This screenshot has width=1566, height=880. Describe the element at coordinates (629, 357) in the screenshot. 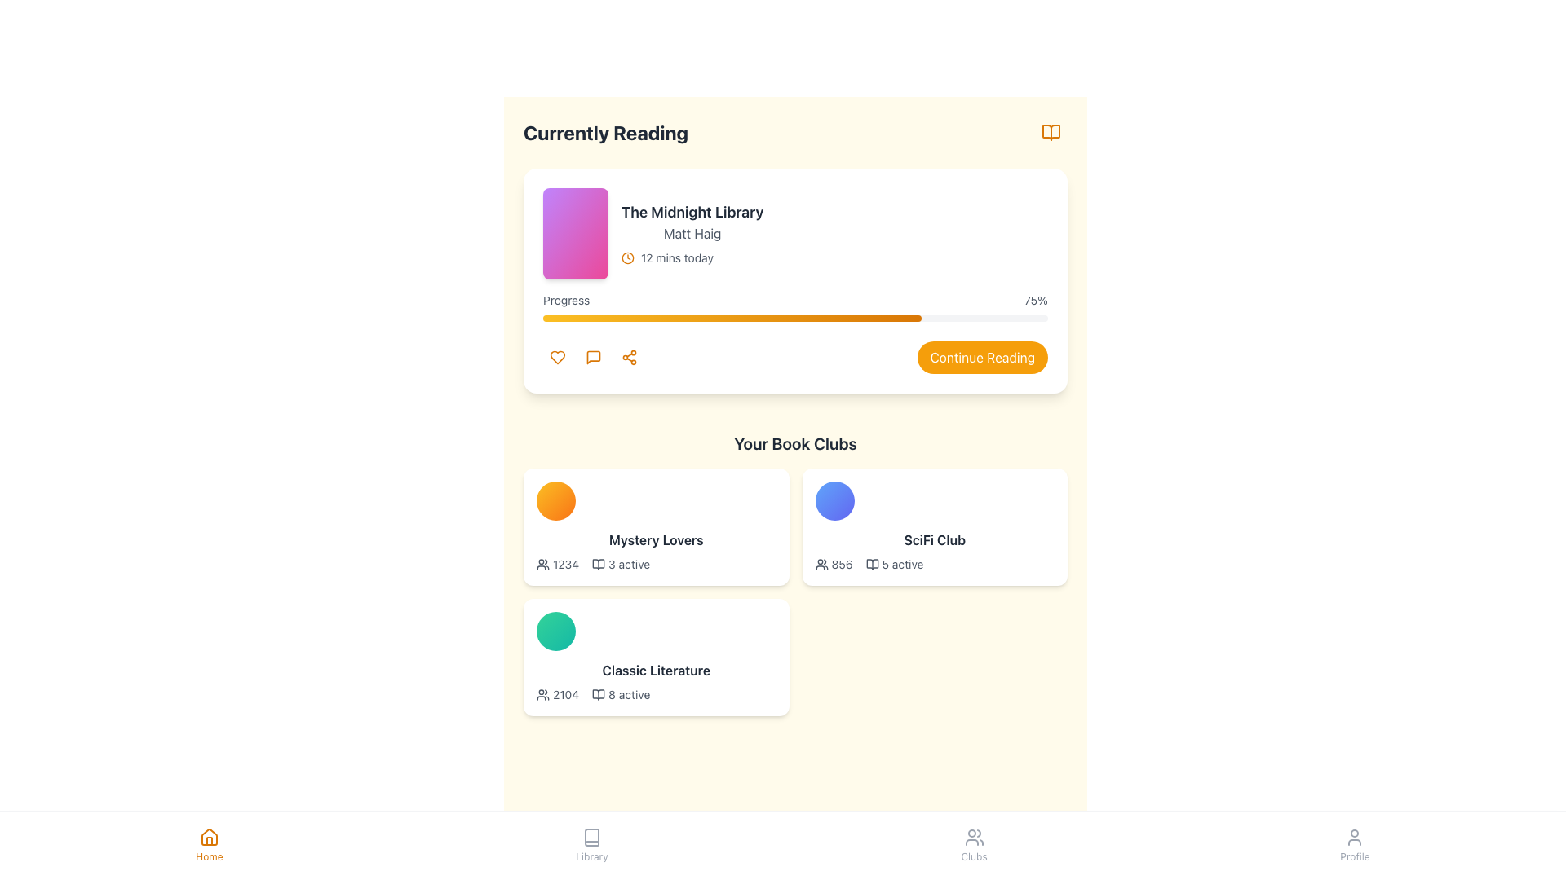

I see `the share button, which is the third circular button located under the book information card in the 'Currently Reading' section` at that location.